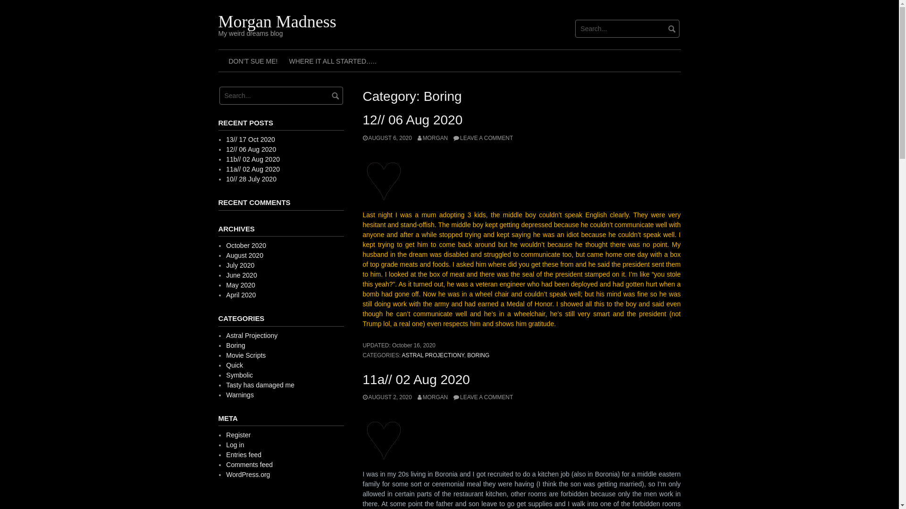 The width and height of the screenshot is (906, 509). What do you see at coordinates (251, 140) in the screenshot?
I see `'13// 17 Oct 2020'` at bounding box center [251, 140].